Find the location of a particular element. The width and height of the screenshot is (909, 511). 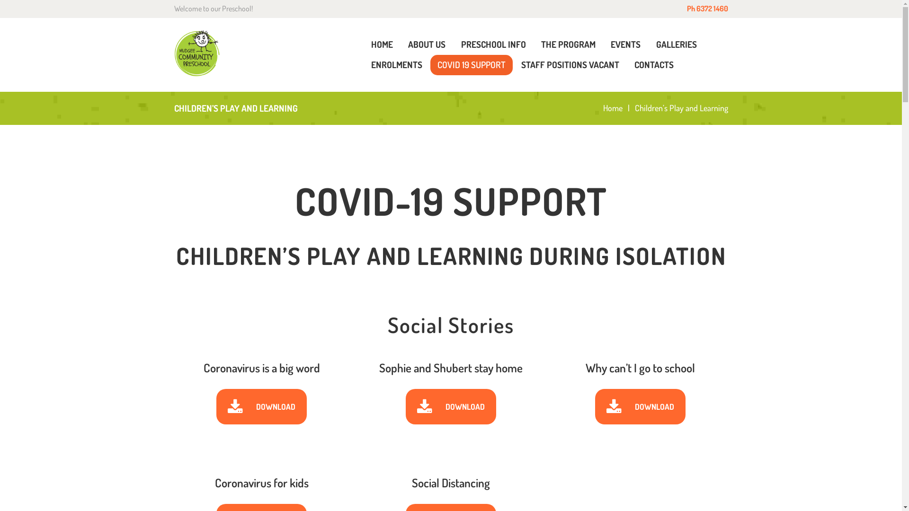

'DOWNLOAD' is located at coordinates (261, 406).